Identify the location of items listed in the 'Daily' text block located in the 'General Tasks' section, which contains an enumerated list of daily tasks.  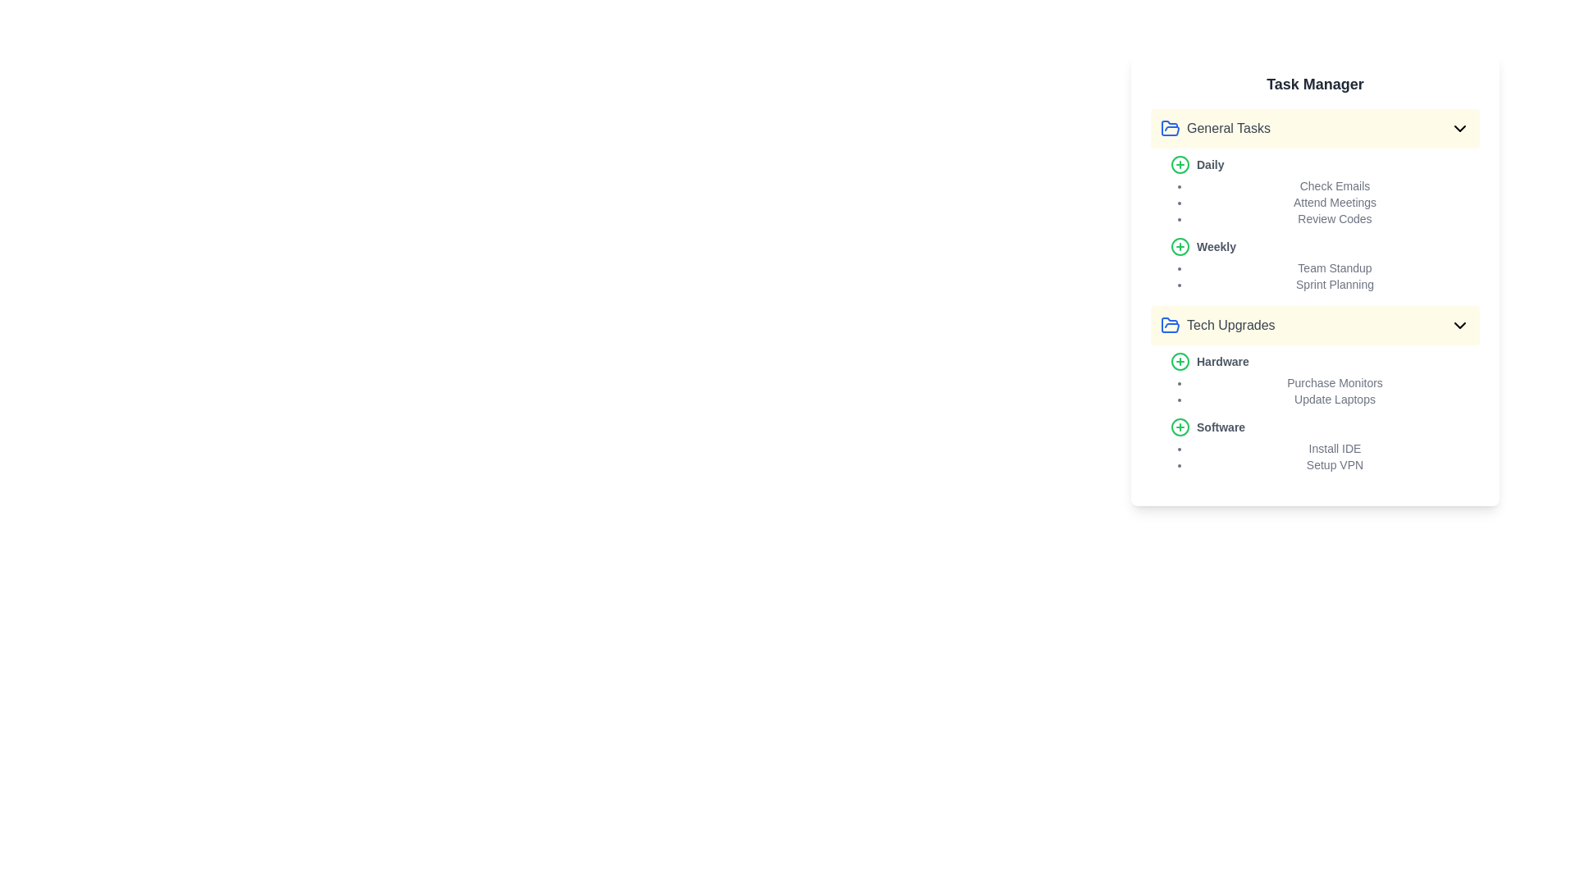
(1325, 190).